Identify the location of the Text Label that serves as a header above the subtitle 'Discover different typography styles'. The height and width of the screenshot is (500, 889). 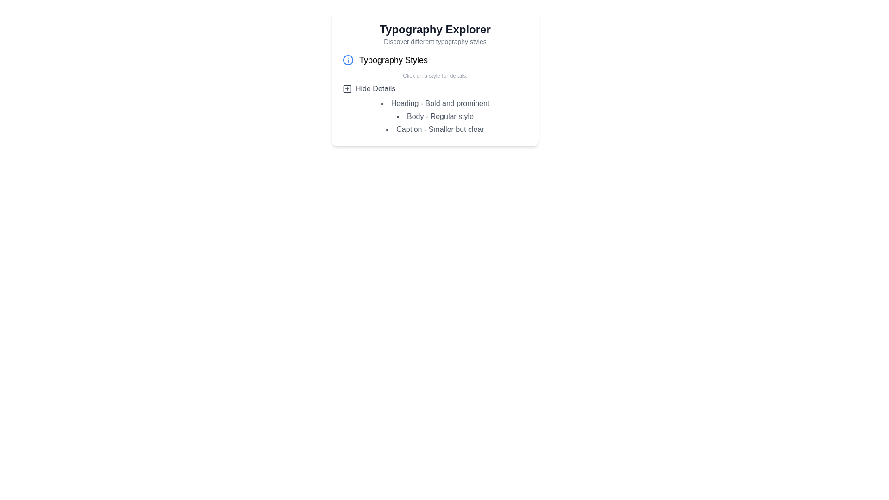
(435, 29).